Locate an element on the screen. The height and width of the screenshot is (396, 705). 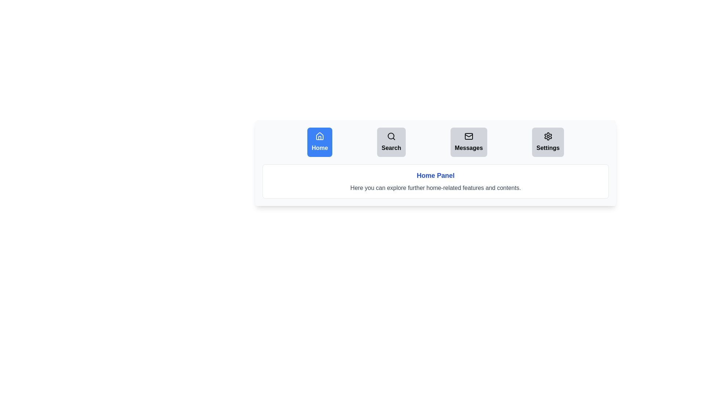
the 'Search' button, which is a light gray rounded rectangular button with a magnifying glass icon is located at coordinates (391, 142).